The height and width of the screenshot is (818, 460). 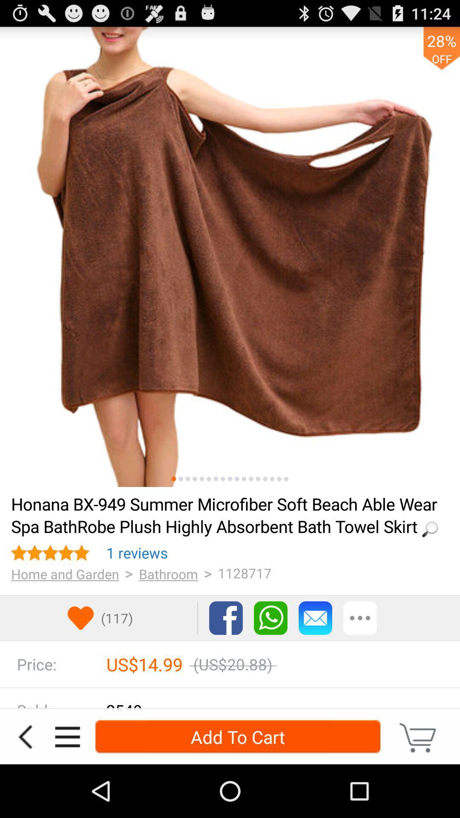 What do you see at coordinates (225, 618) in the screenshot?
I see `like on facebook` at bounding box center [225, 618].